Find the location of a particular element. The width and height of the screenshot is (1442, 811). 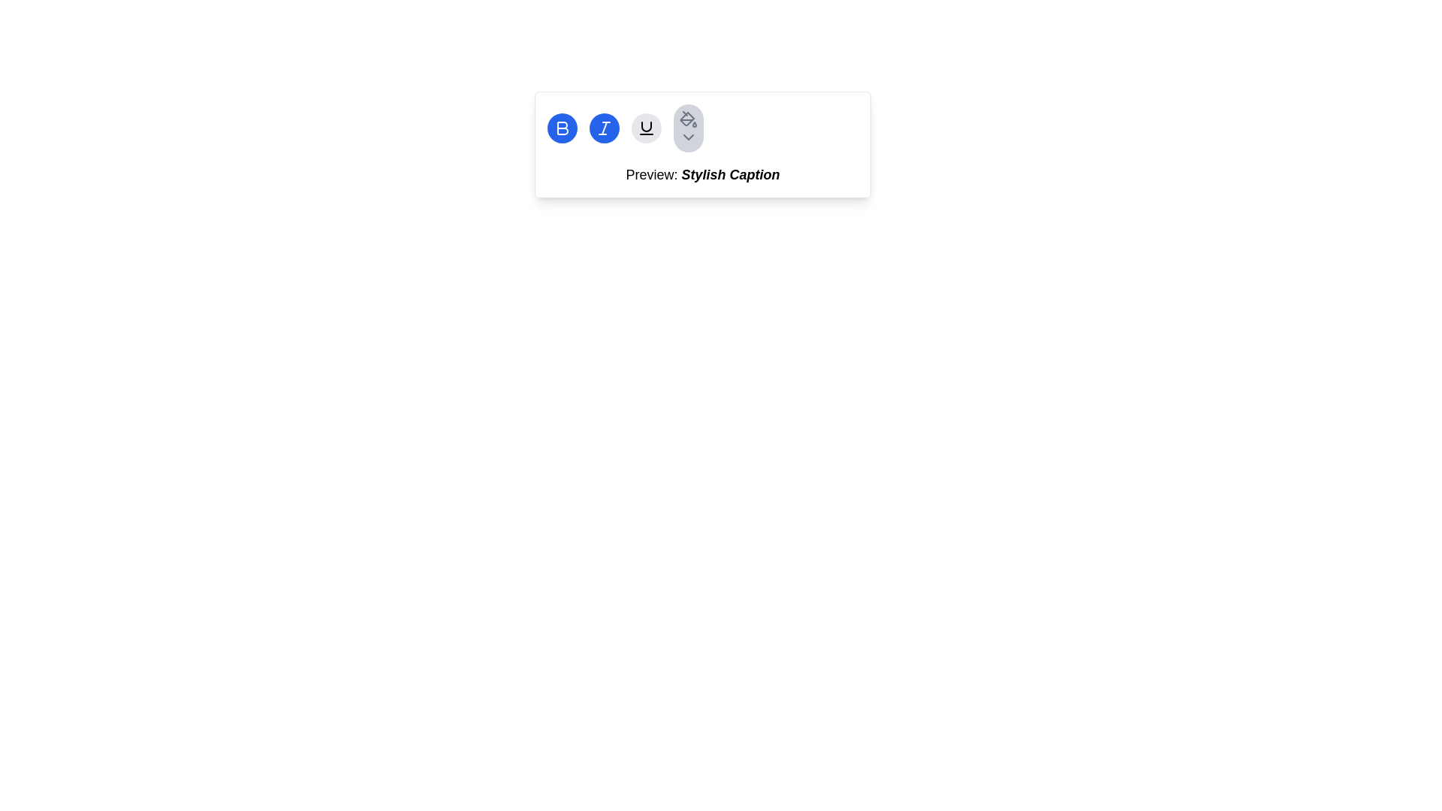

the paint bucket icon button in the toolbar is located at coordinates (687, 118).